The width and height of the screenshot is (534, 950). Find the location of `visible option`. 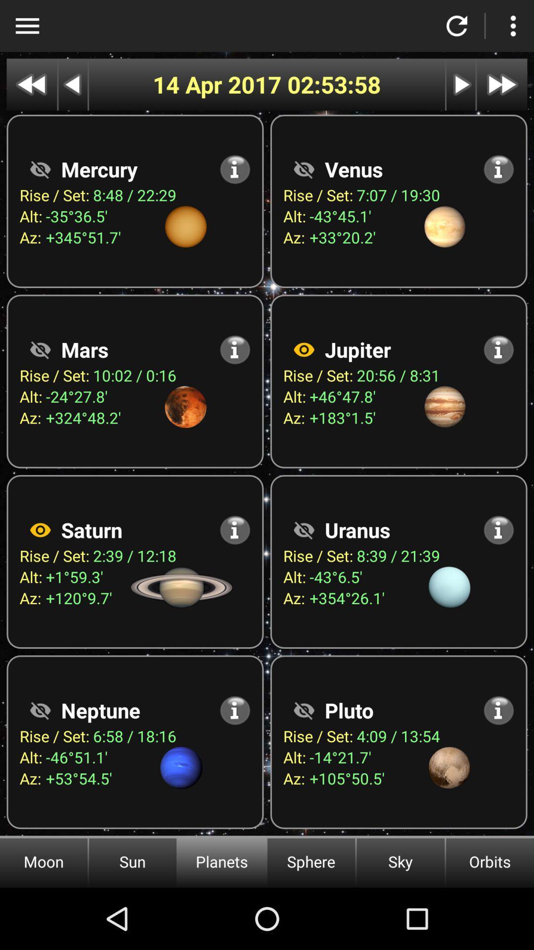

visible option is located at coordinates (303, 710).